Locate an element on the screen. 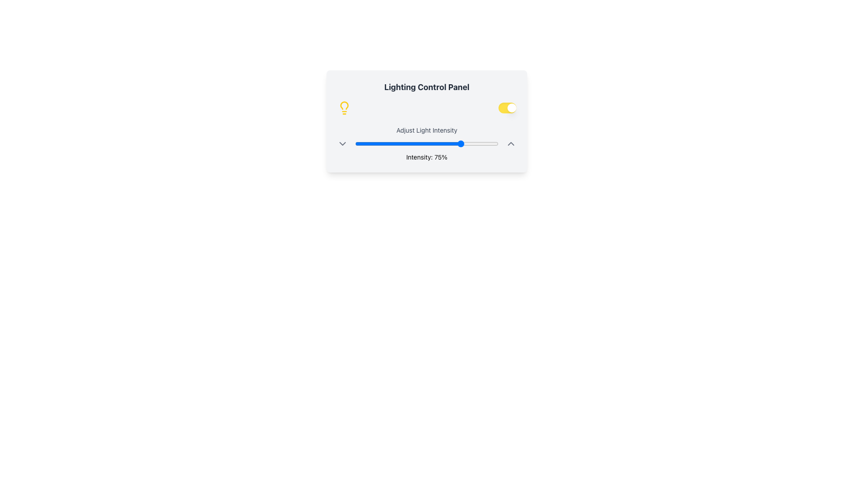 This screenshot has height=484, width=860. light intensity is located at coordinates (492, 143).